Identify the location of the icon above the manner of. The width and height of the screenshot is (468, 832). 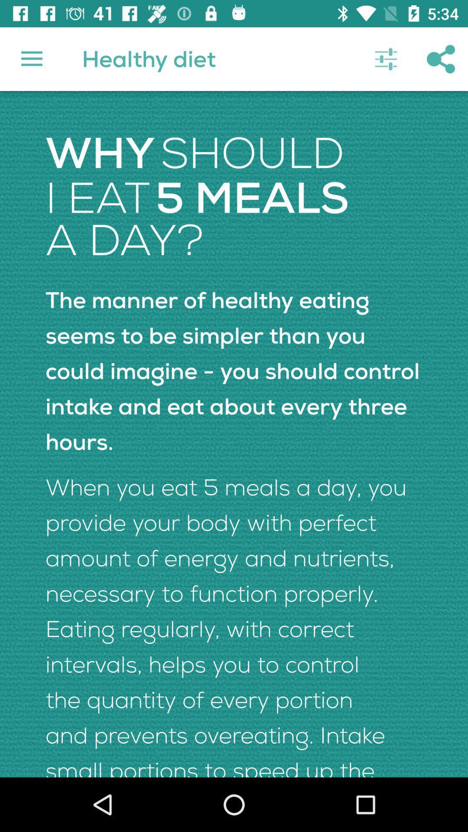
(386, 58).